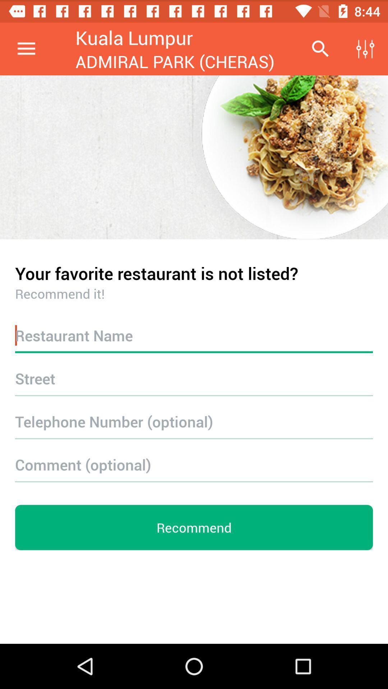 Image resolution: width=388 pixels, height=689 pixels. I want to click on street info, so click(194, 378).